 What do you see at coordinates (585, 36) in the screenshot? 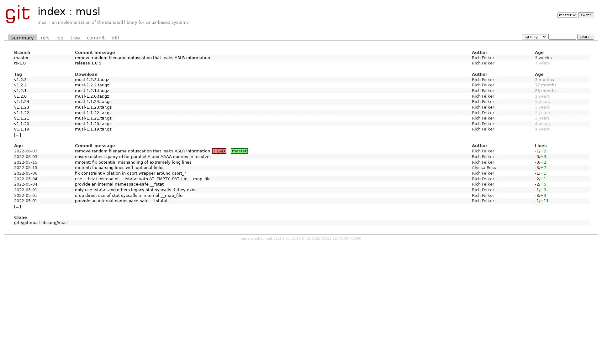
I see `search` at bounding box center [585, 36].